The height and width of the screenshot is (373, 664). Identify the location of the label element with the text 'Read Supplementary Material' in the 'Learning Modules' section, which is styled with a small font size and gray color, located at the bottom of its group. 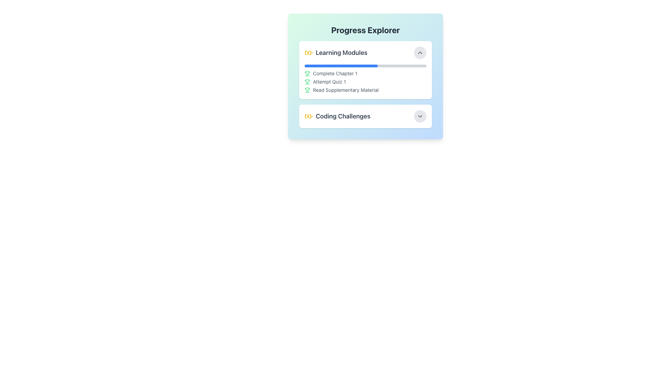
(365, 90).